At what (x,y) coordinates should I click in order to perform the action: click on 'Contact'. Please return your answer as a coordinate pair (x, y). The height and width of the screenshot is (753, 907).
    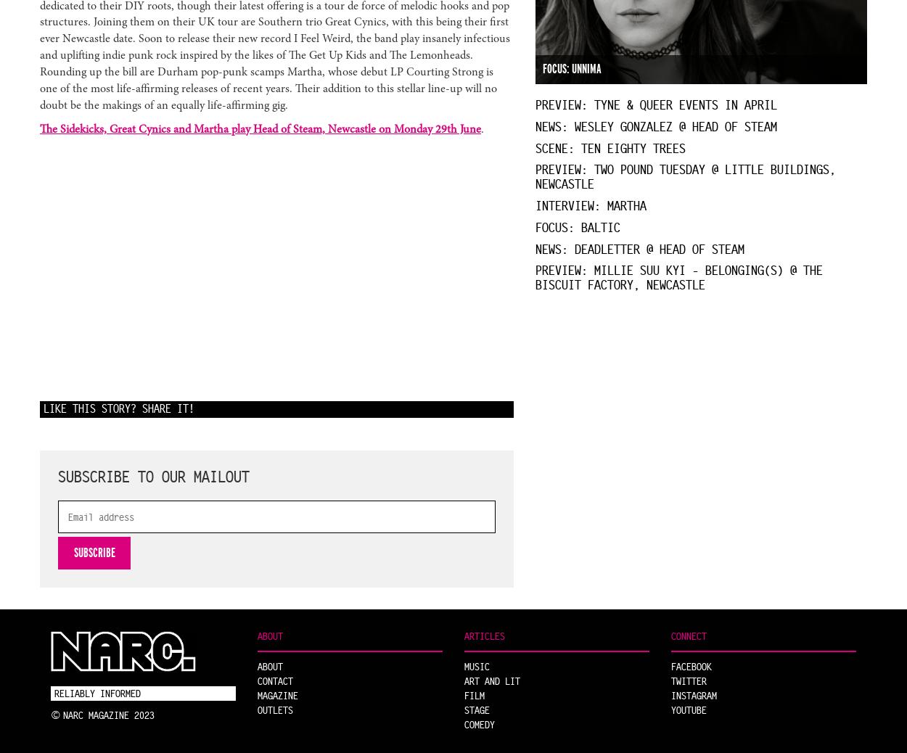
    Looking at the image, I should click on (275, 680).